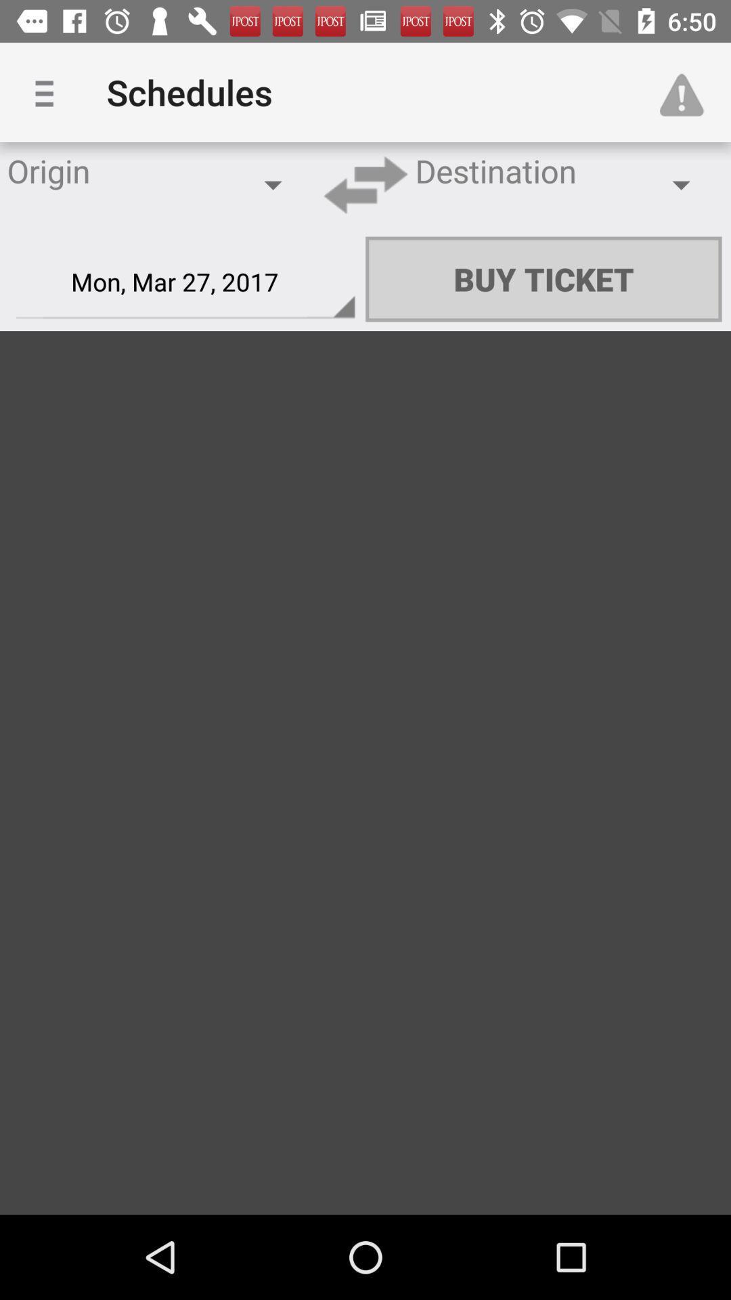  Describe the element at coordinates (49, 91) in the screenshot. I see `item next to the schedules app` at that location.